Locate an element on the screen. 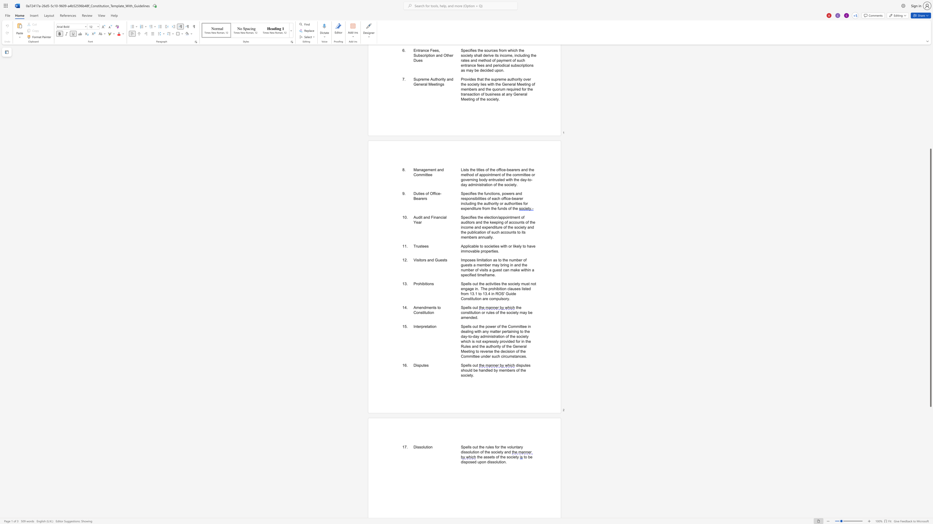 This screenshot has width=933, height=524. the right-hand scrollbar to ascend the page is located at coordinates (930, 77).